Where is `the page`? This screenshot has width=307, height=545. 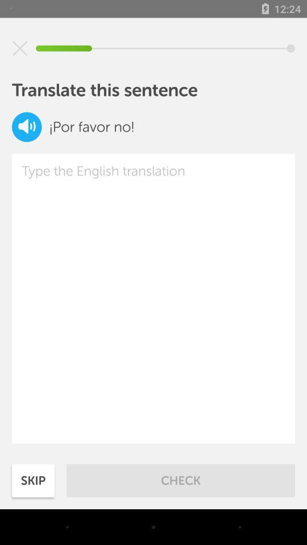
the page is located at coordinates (20, 48).